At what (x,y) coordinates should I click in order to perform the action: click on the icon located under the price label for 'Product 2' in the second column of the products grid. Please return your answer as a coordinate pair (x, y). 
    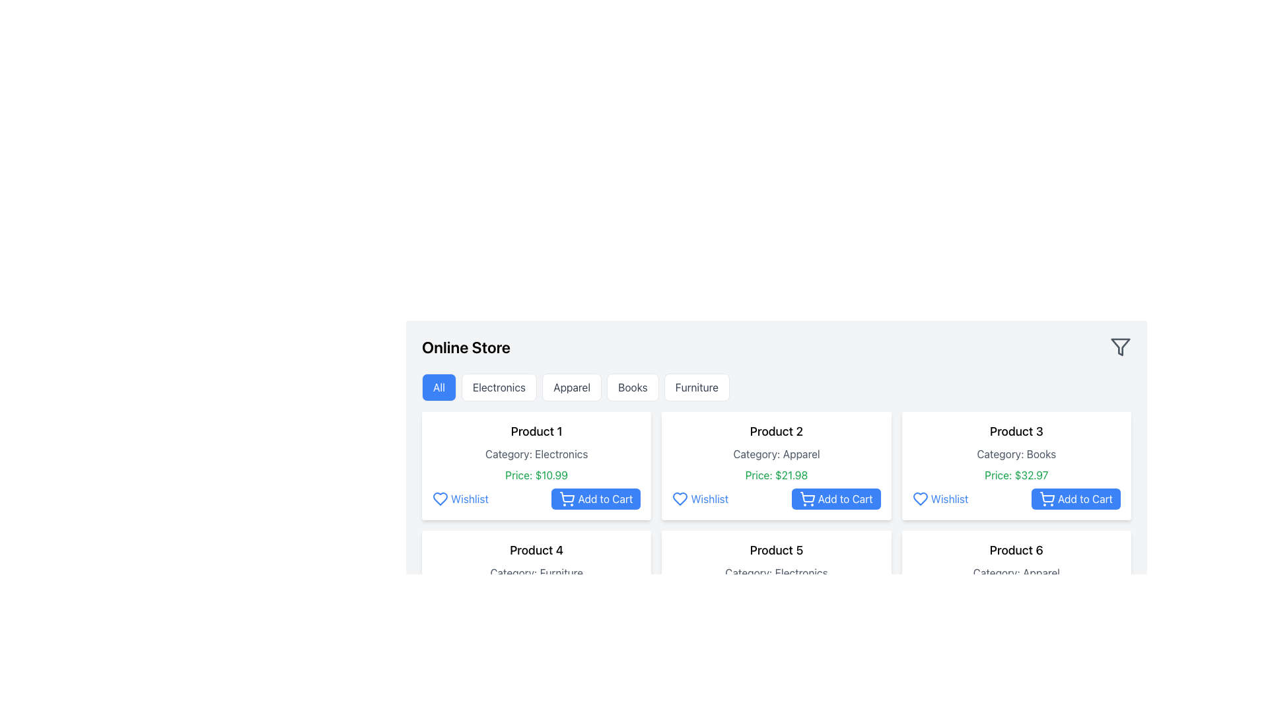
    Looking at the image, I should click on (680, 499).